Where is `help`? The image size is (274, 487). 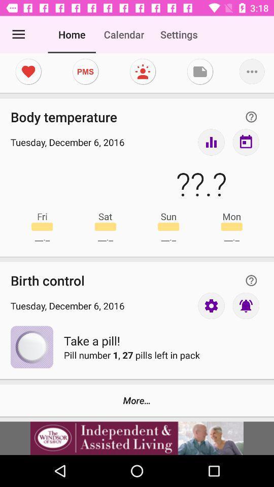
help is located at coordinates (251, 281).